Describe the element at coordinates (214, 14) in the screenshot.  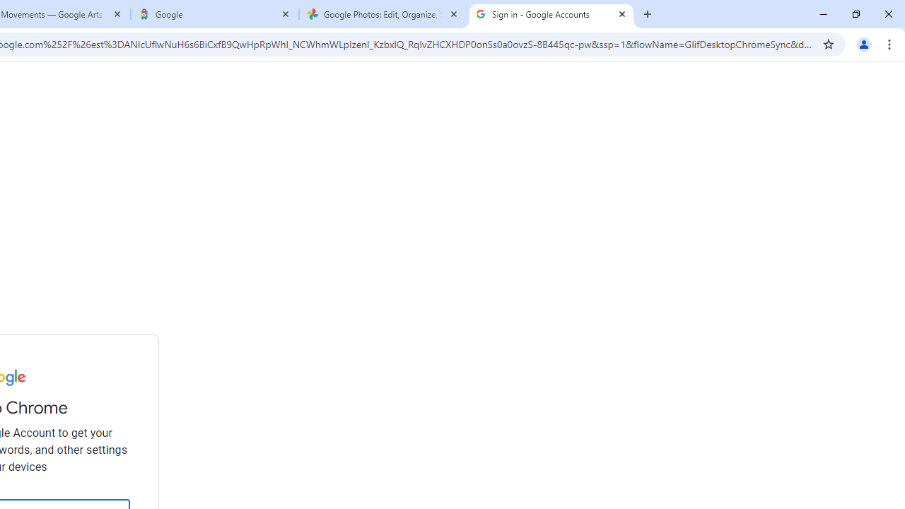
I see `'Google'` at that location.